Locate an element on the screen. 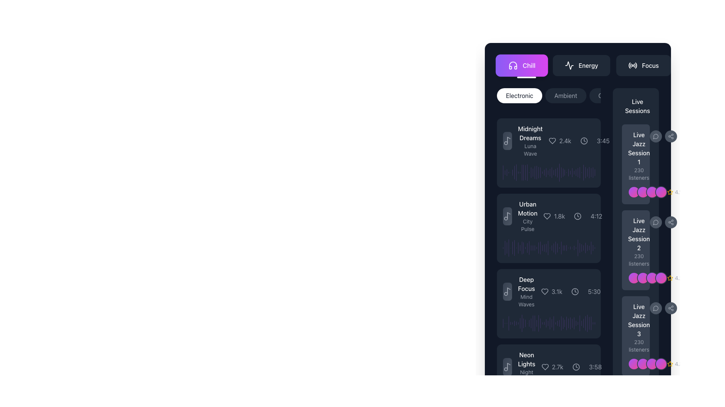  the Rating display component located at the bottom-right corner of the section, which visually indicates a score with stars adjacent to profile avatars is located at coordinates (675, 363).